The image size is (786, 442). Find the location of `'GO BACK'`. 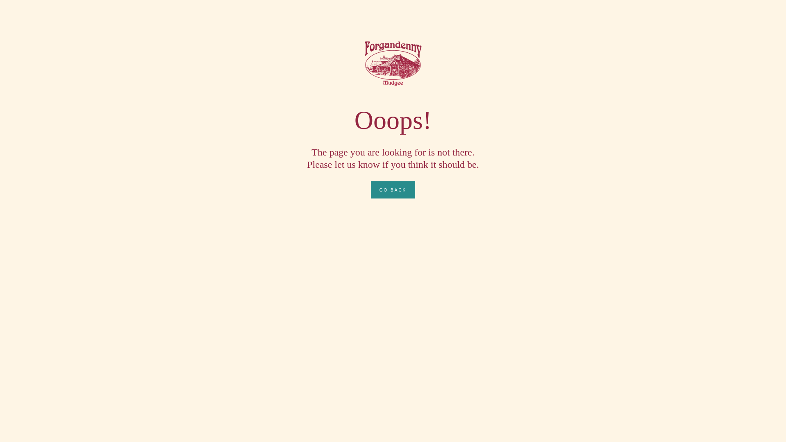

'GO BACK' is located at coordinates (370, 189).